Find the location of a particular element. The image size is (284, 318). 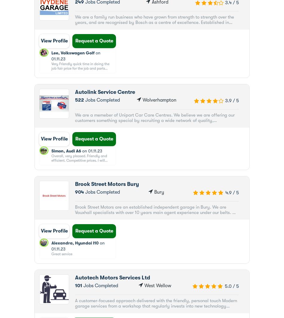

'5.0' is located at coordinates (228, 286).